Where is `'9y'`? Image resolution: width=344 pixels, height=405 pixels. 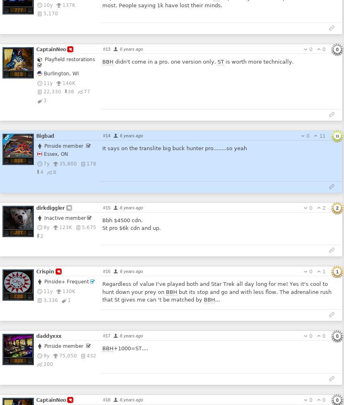 '9y' is located at coordinates (46, 355).